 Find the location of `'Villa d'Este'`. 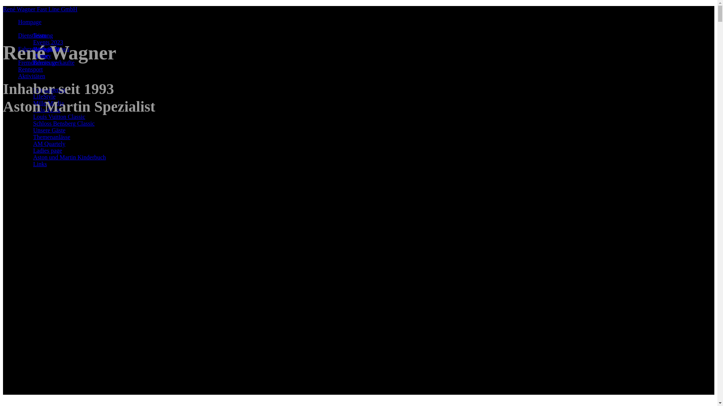

'Villa d'Este' is located at coordinates (32, 110).